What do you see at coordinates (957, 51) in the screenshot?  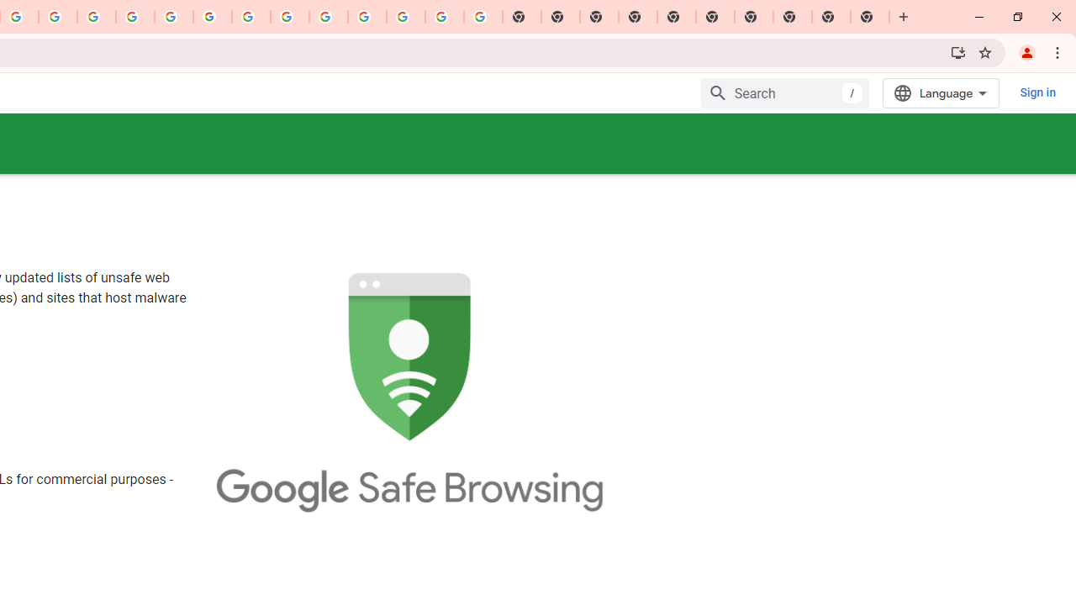 I see `'Install Google Developers'` at bounding box center [957, 51].